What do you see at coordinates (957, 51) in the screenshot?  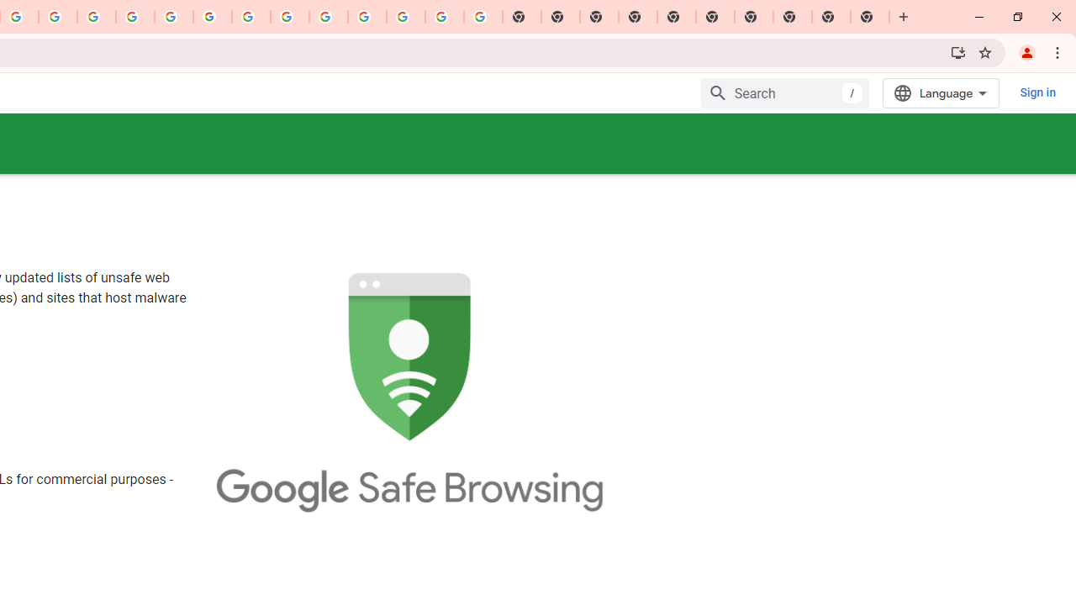 I see `'Install Google Developers'` at bounding box center [957, 51].